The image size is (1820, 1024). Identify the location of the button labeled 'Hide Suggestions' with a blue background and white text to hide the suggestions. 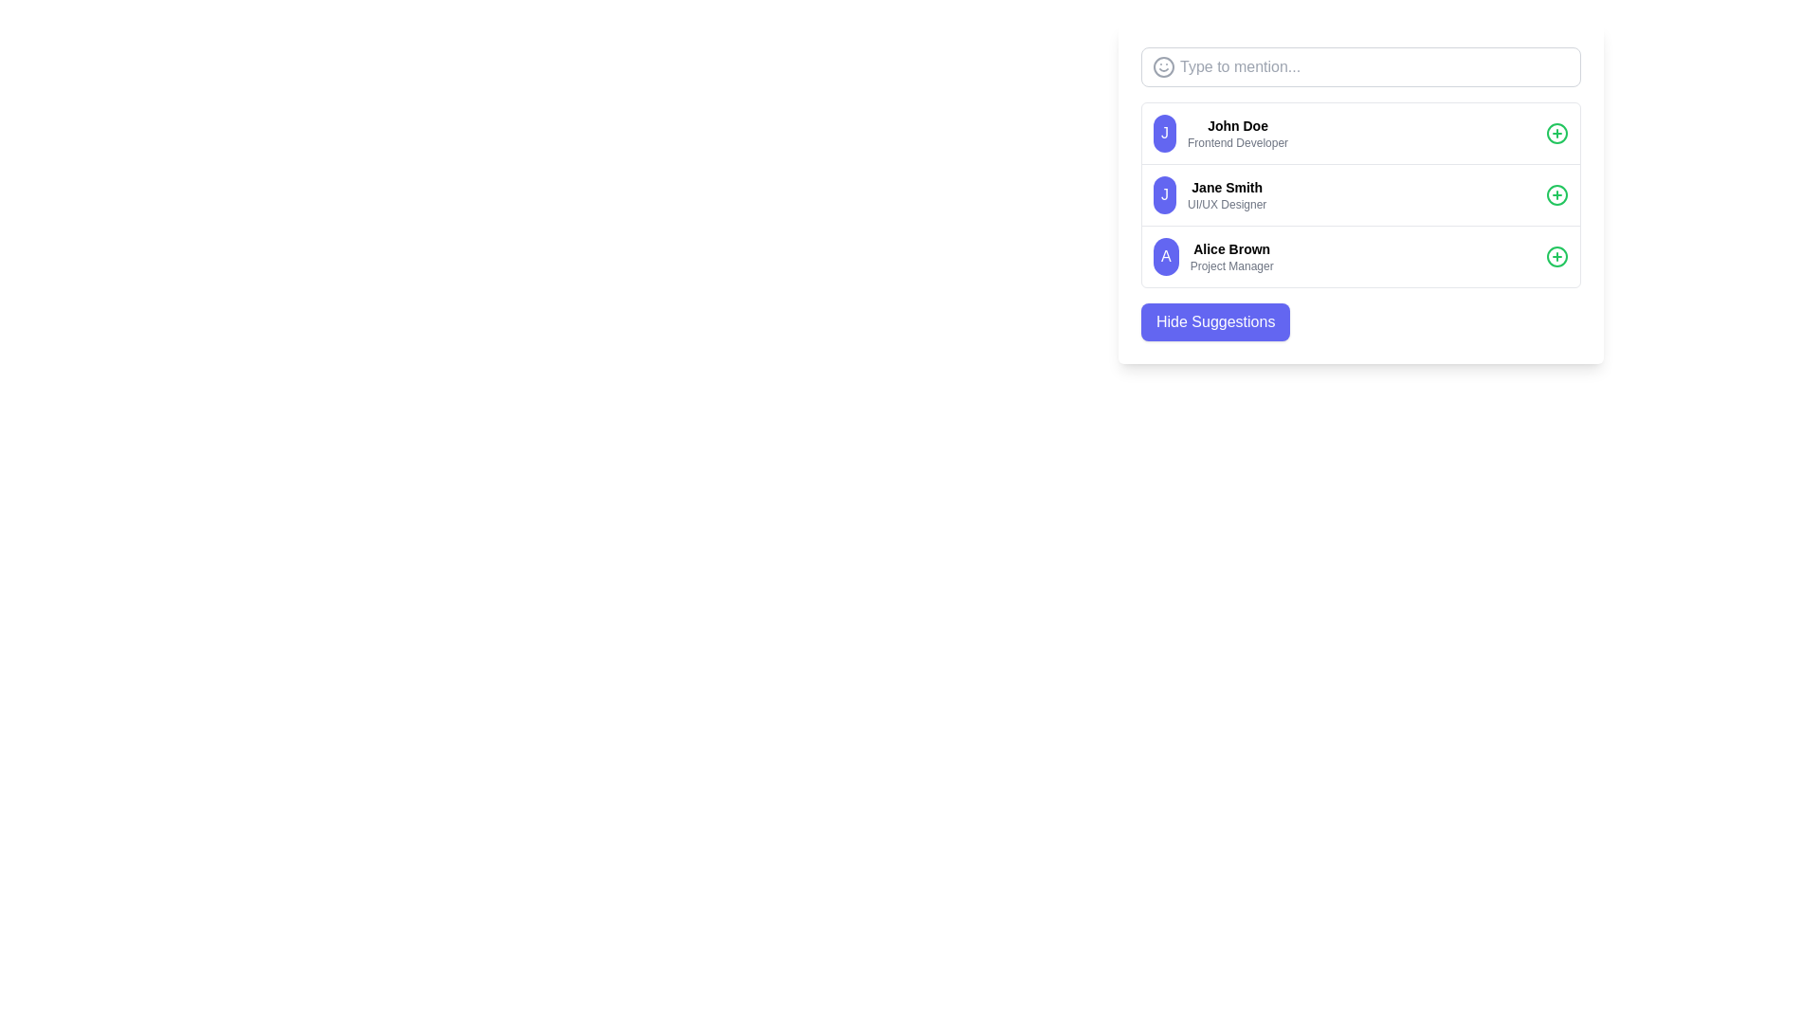
(1215, 320).